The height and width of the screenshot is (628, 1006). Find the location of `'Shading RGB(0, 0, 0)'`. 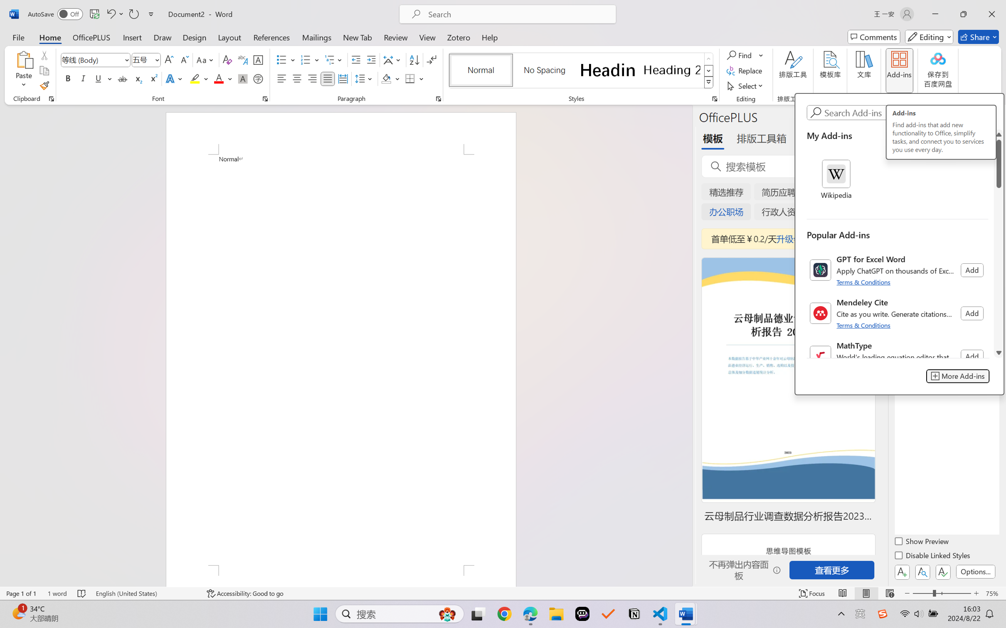

'Shading RGB(0, 0, 0)' is located at coordinates (386, 78).